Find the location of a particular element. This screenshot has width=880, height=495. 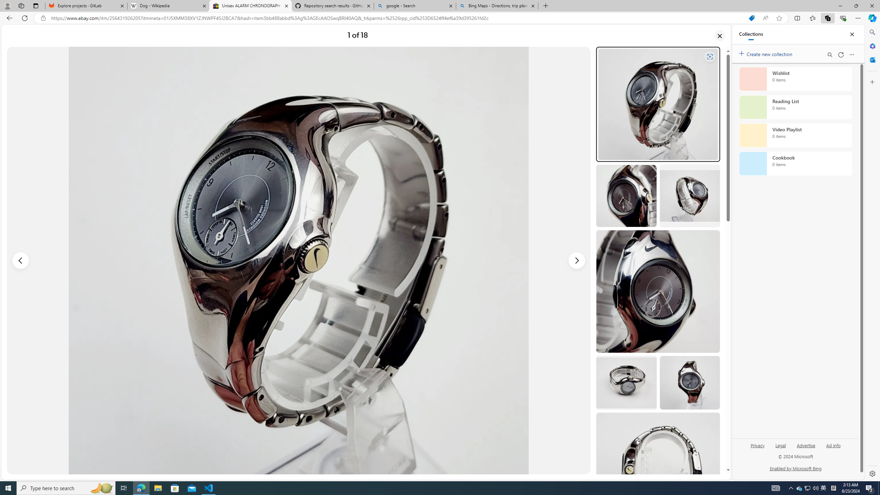

'Previous image - Item images thumbnails' is located at coordinates (21, 261).